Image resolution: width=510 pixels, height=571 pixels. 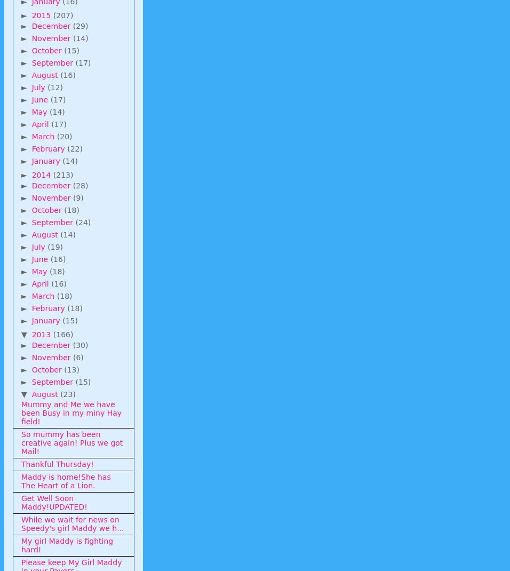 I want to click on '(166)', so click(x=62, y=335).